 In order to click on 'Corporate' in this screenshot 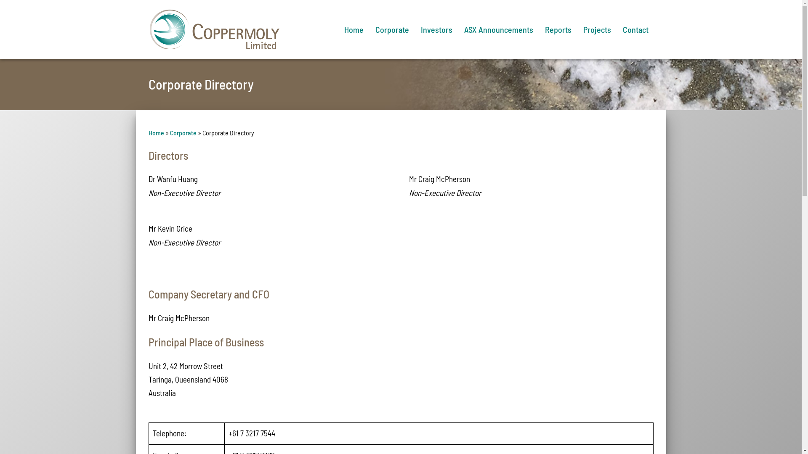, I will do `click(169, 132)`.